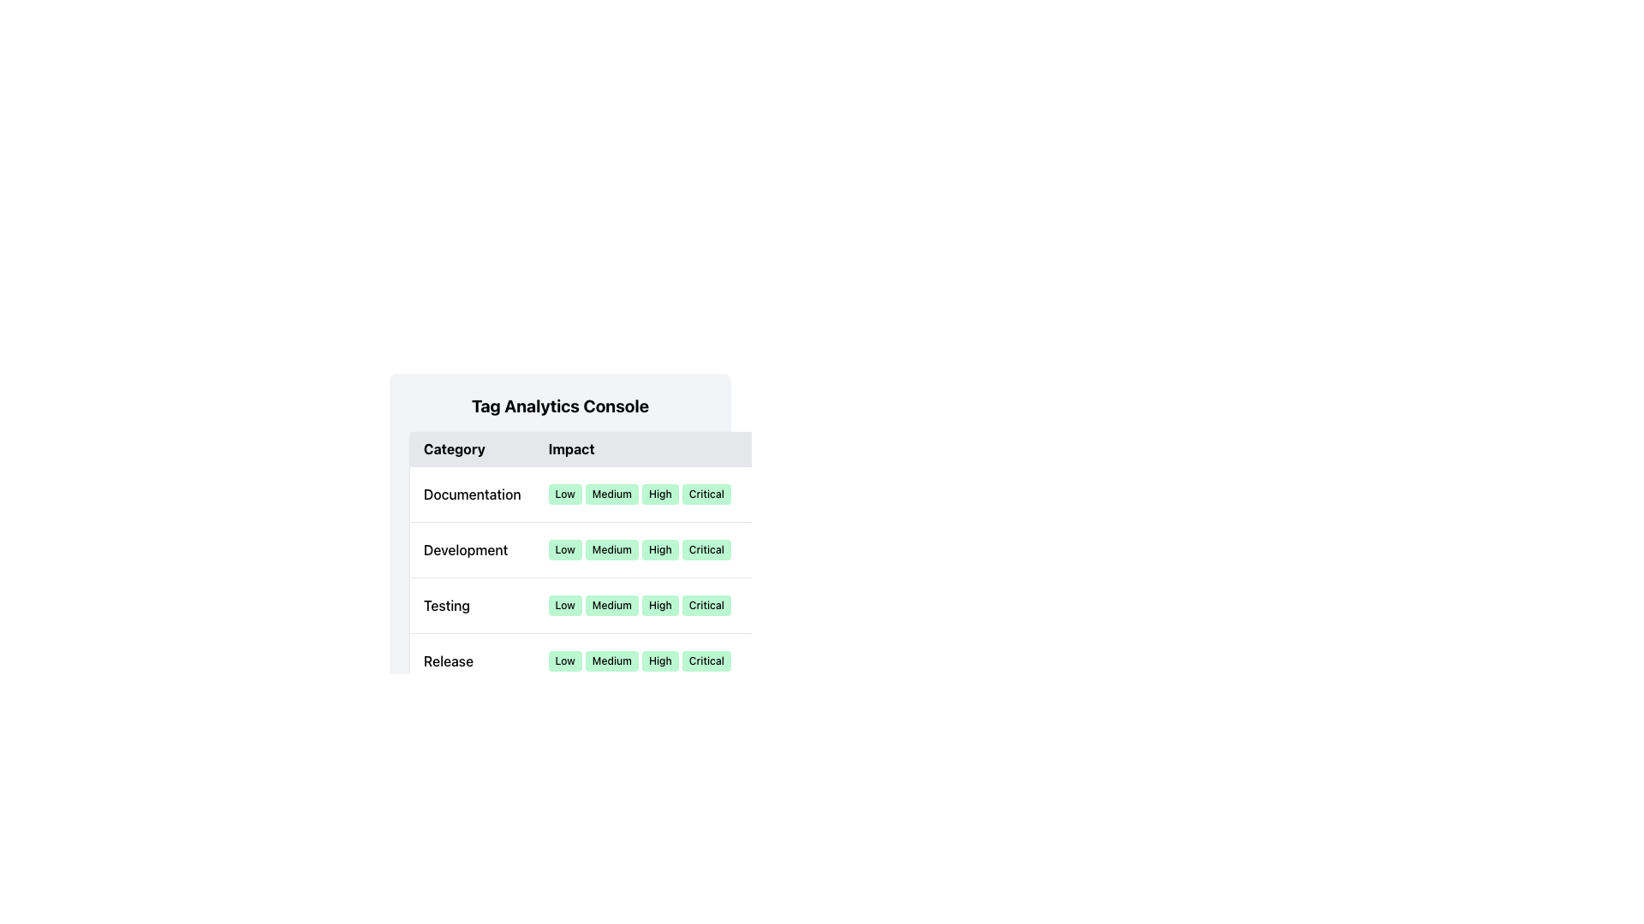 This screenshot has height=924, width=1644. Describe the element at coordinates (639, 550) in the screenshot. I see `one of the selectable buttons in the 'Development' category located in the second row of the 'Impact' column` at that location.